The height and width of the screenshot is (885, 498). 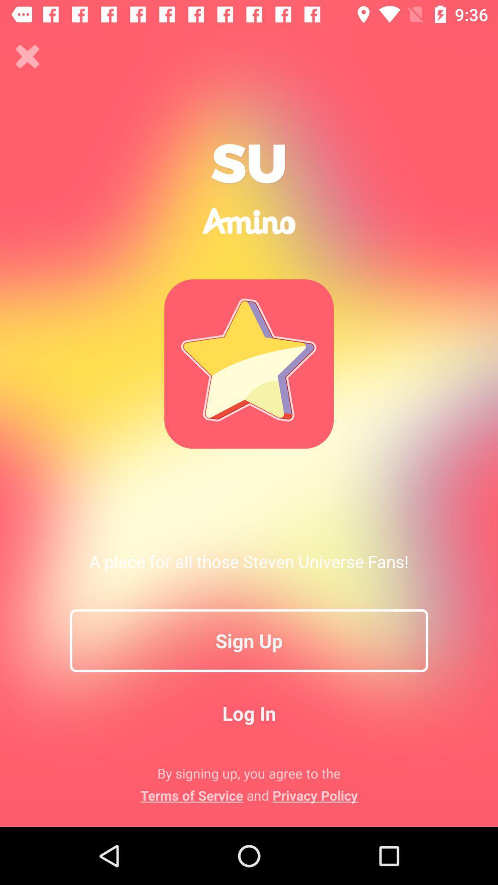 What do you see at coordinates (27, 56) in the screenshot?
I see `the close icon` at bounding box center [27, 56].